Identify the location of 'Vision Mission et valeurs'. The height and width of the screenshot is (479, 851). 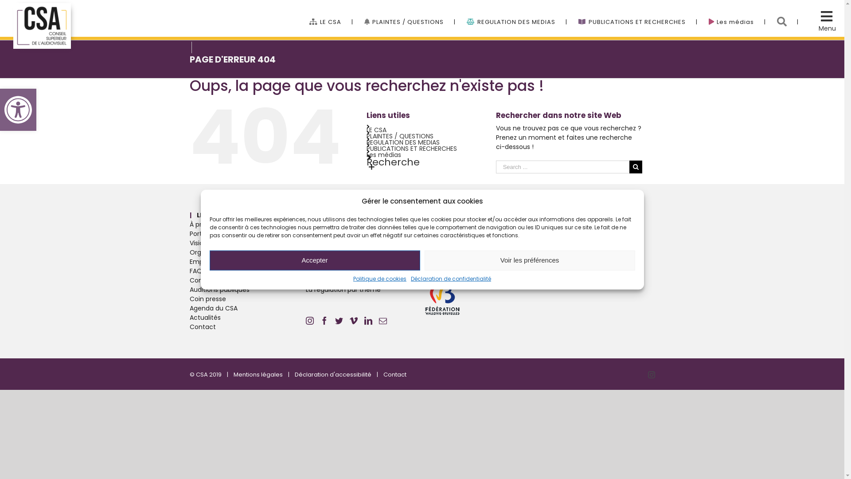
(248, 243).